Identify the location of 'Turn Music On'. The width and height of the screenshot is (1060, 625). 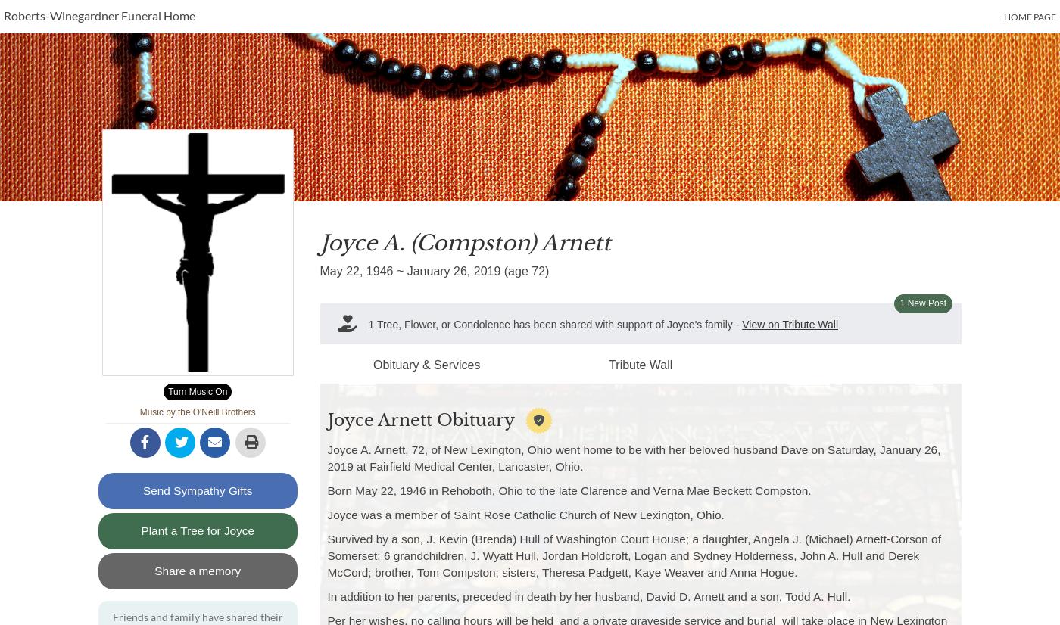
(197, 390).